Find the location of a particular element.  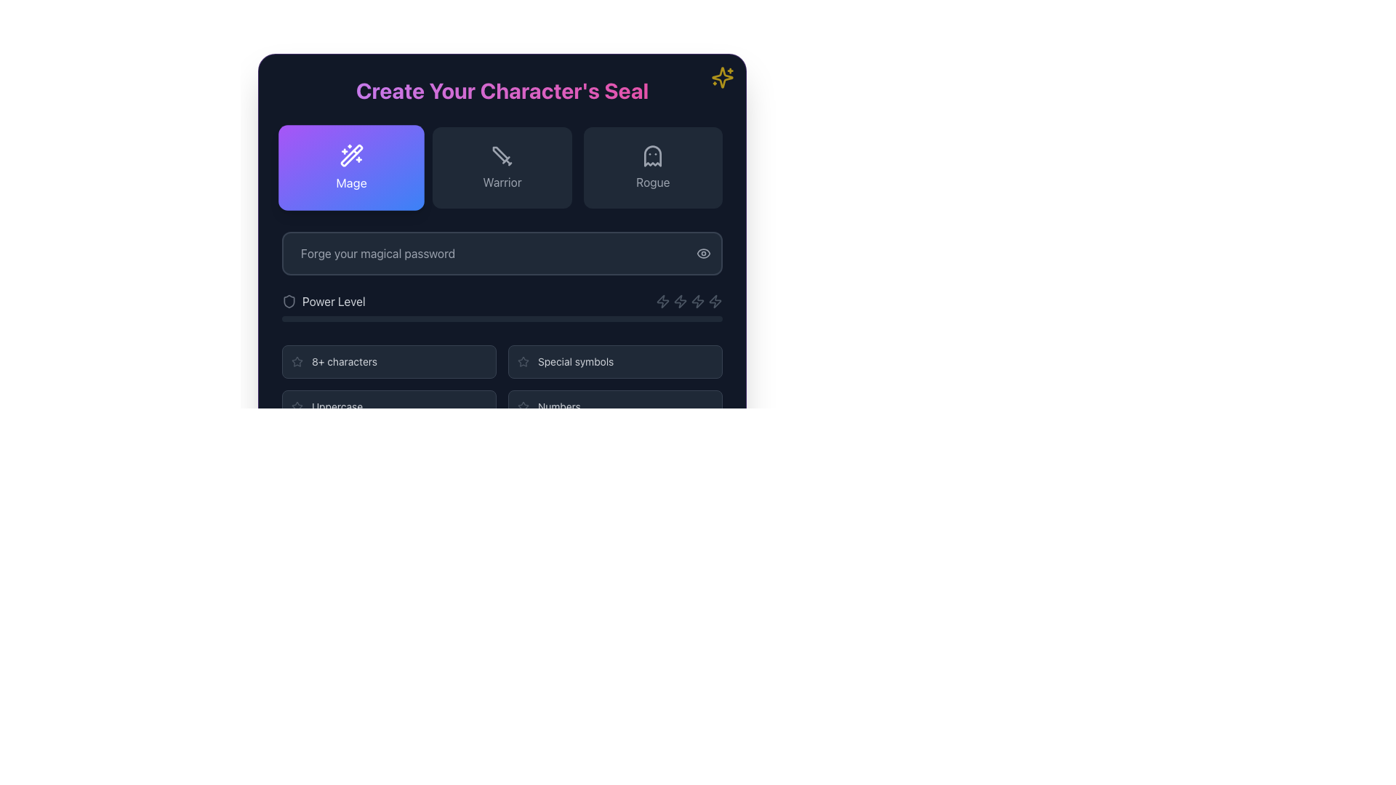

the progress bar is located at coordinates (678, 318).